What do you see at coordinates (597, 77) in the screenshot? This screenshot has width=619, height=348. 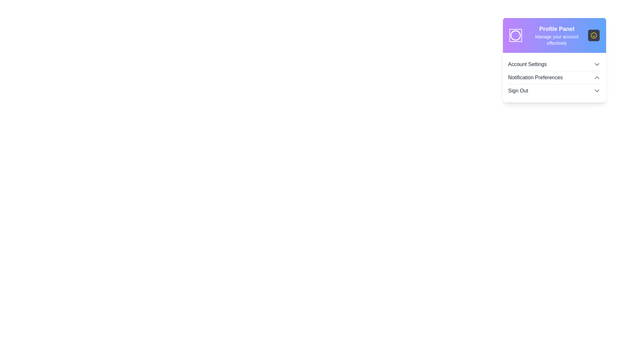 I see `the chevron-shaped icon resembling an upward-pointing arrow, located next to the 'Notification Preferences' text` at bounding box center [597, 77].